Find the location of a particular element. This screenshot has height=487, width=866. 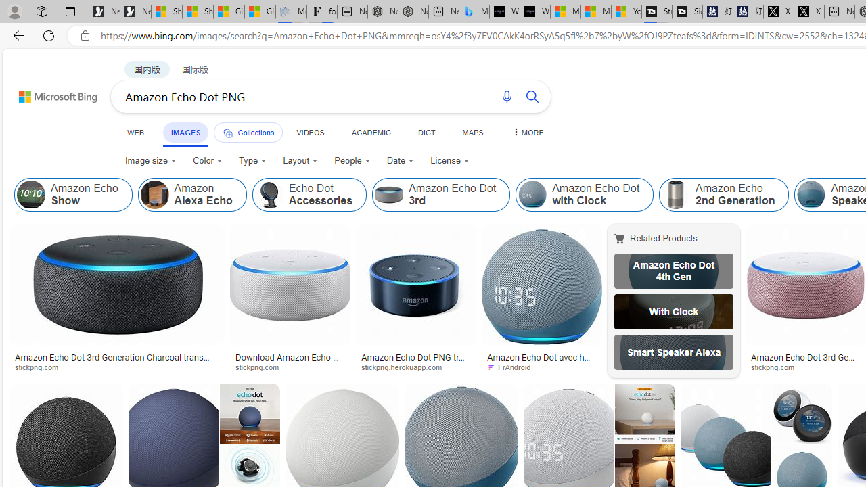

'VIDEOS' is located at coordinates (309, 132).